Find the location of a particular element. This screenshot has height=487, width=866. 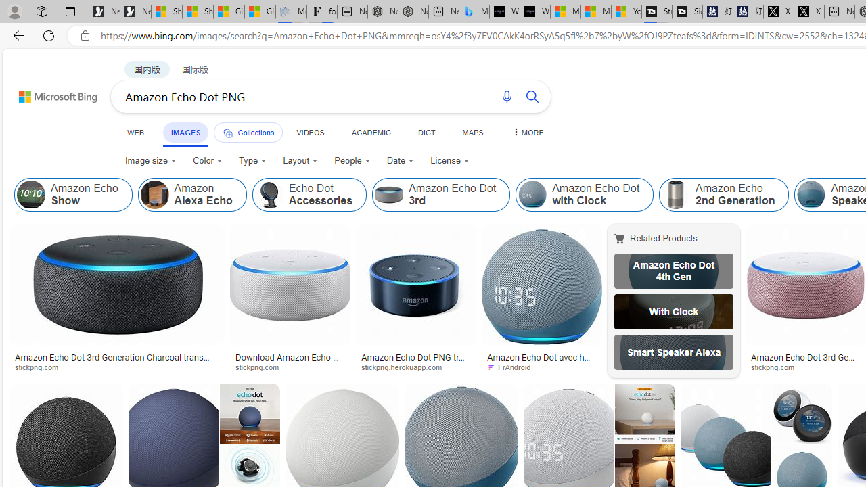

'VIDEOS' is located at coordinates (309, 132).